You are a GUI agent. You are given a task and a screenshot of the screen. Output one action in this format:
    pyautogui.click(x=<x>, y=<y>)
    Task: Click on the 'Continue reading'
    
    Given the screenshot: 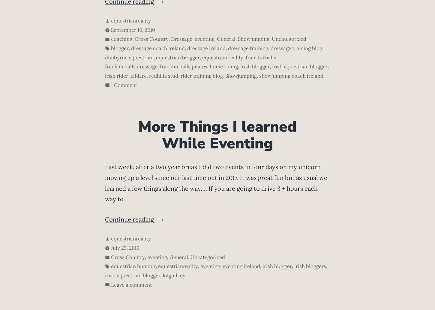 What is the action you would take?
    pyautogui.click(x=130, y=219)
    